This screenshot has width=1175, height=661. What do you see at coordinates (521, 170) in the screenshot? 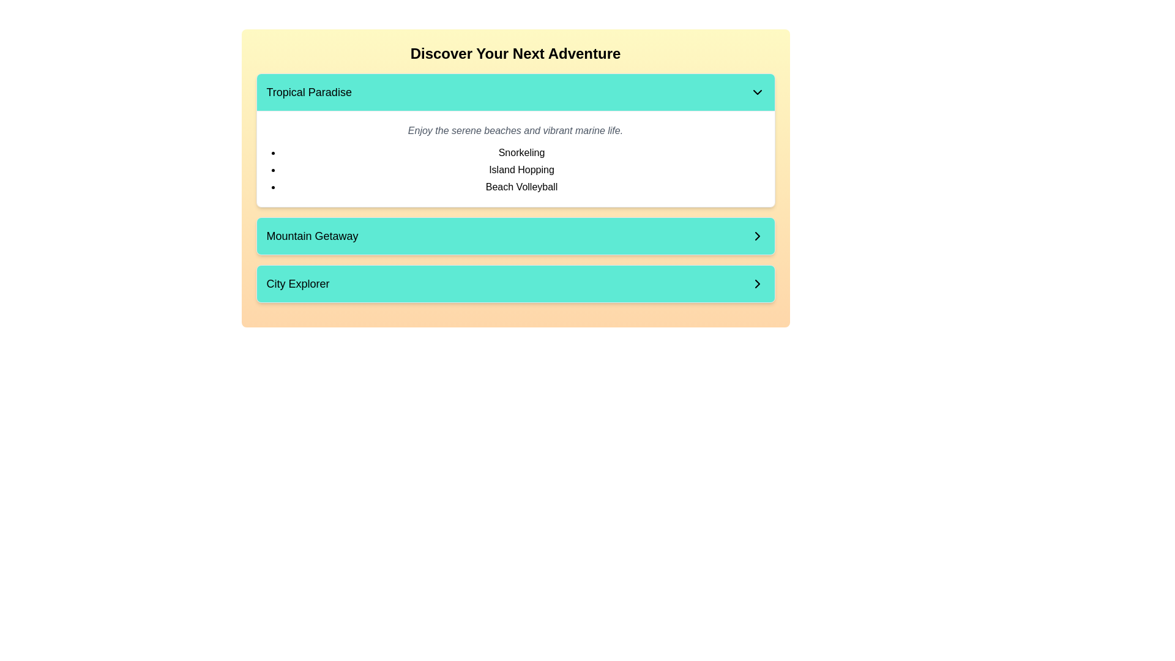
I see `the text label displaying 'Island Hopping', which is the second item in the vertical list under the 'Tropical Paradise' section, positioned between 'Snorkeling' and 'Beach Volleyball'` at bounding box center [521, 170].